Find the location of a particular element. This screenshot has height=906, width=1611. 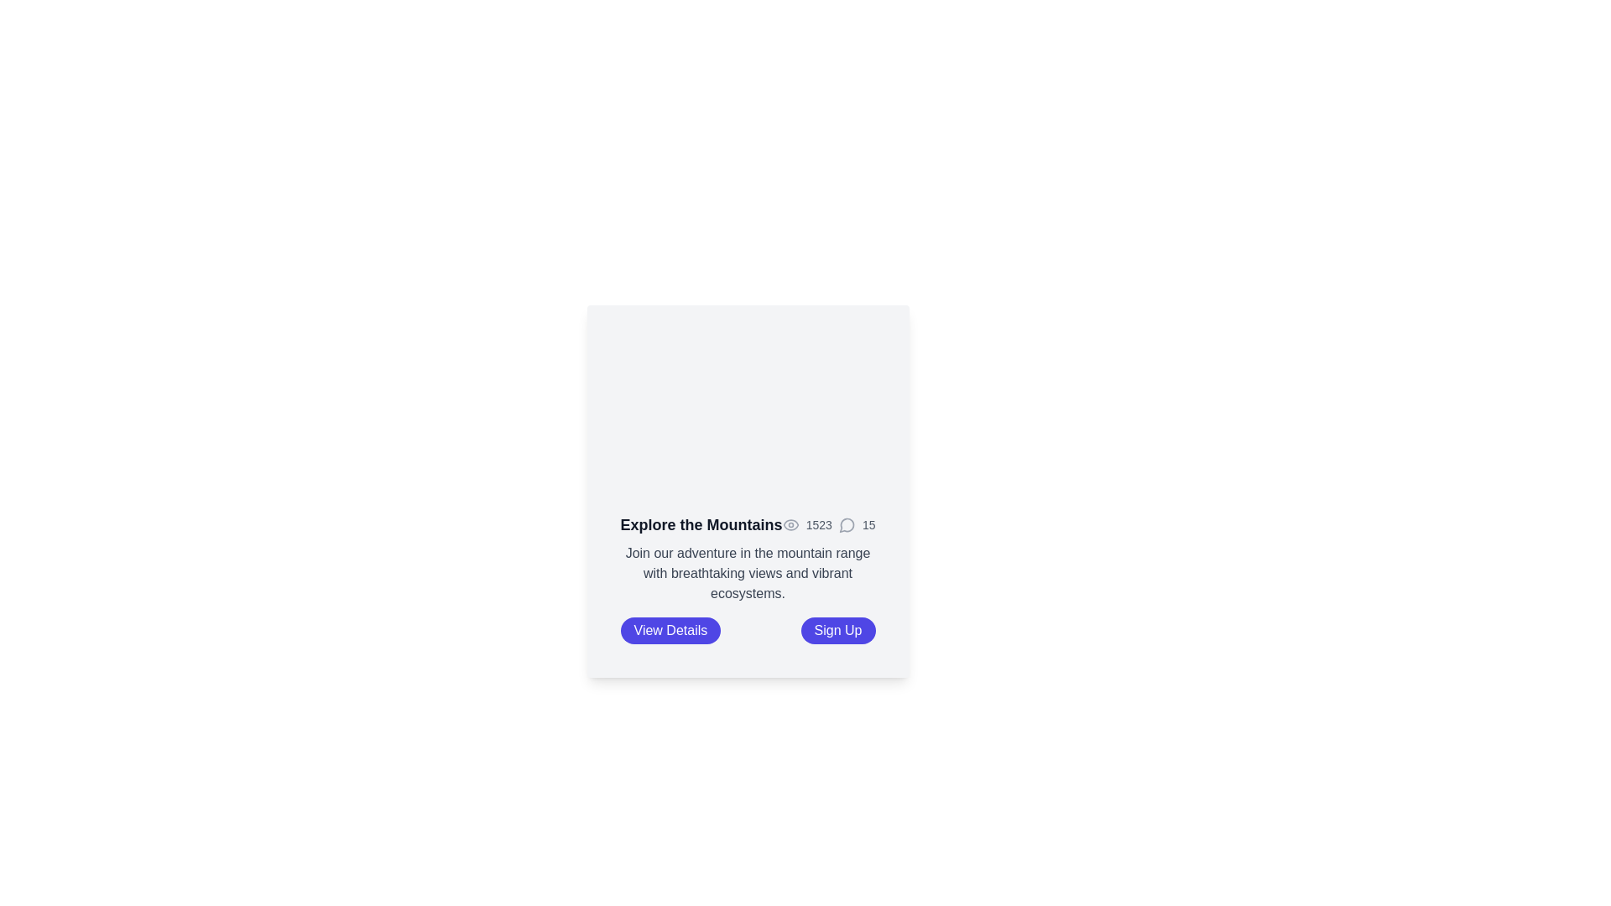

the eye icon, which is the first element in a horizontal group is located at coordinates (790, 523).